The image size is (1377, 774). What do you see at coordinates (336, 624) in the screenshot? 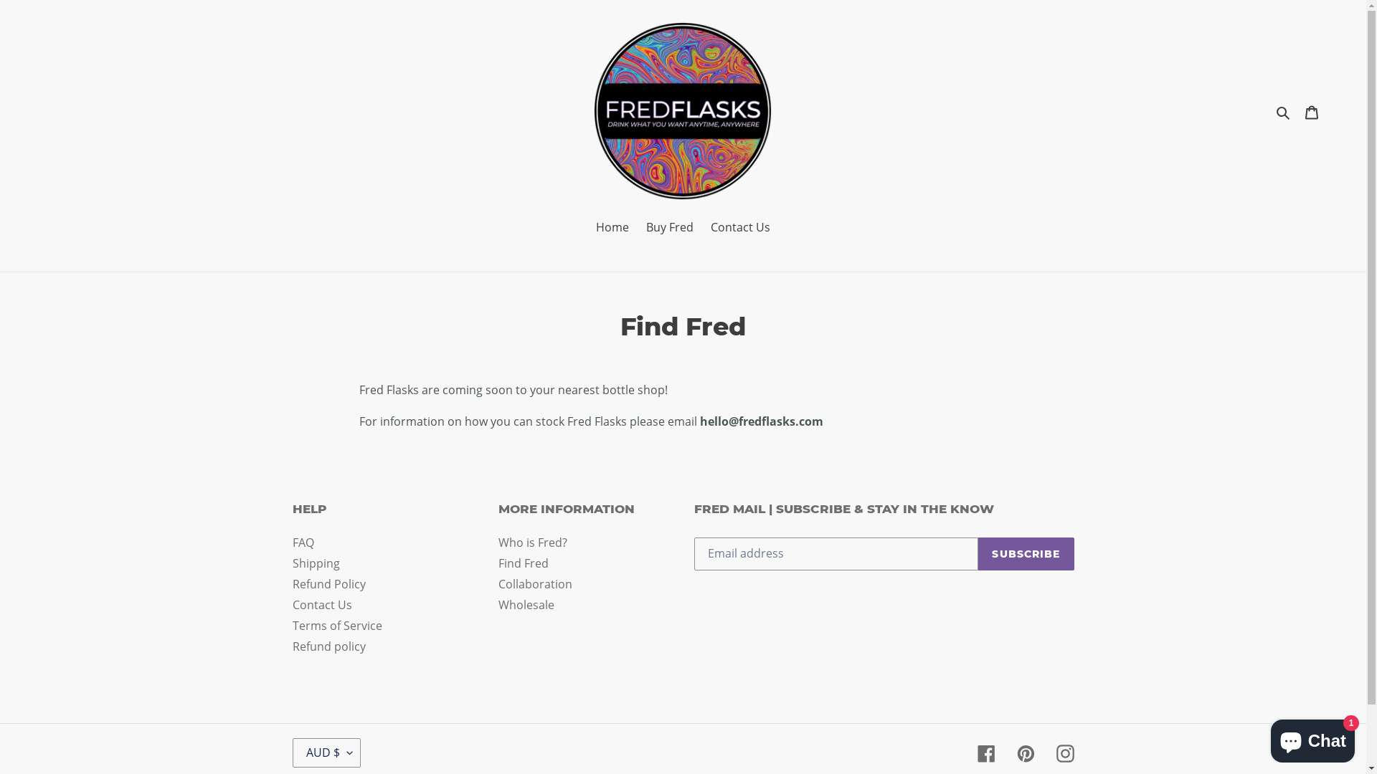
I see `'Terms of Service'` at bounding box center [336, 624].